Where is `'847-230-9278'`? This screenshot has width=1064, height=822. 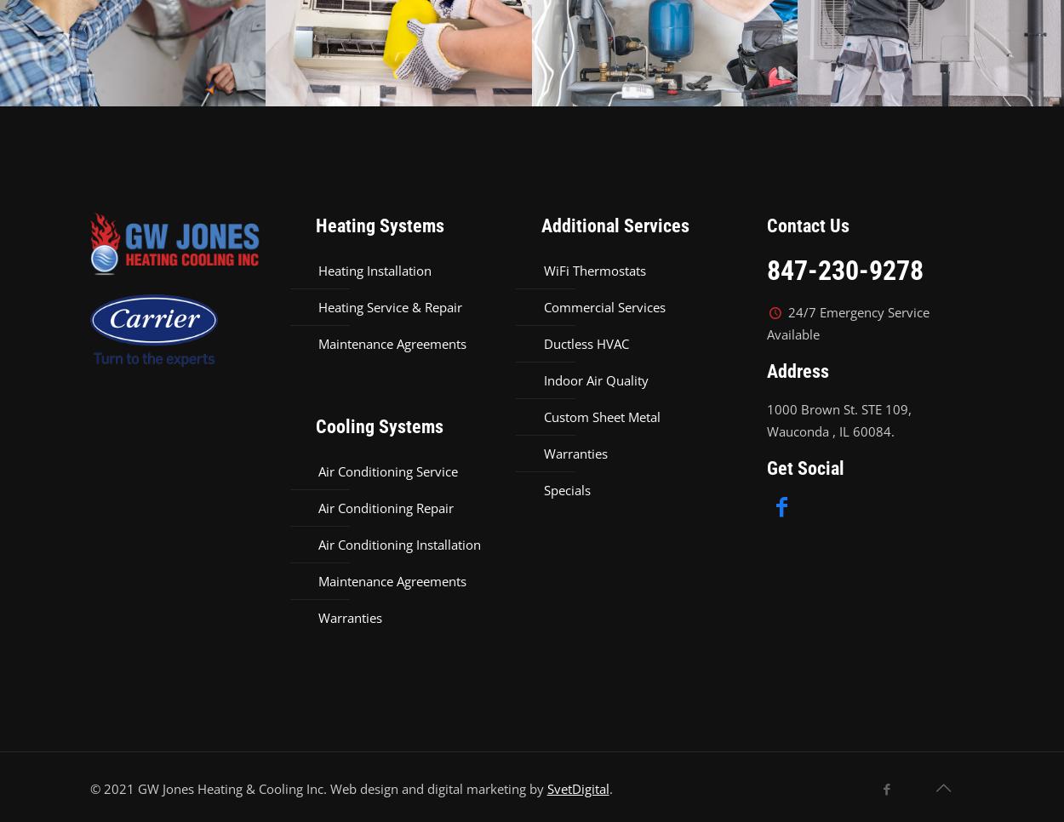 '847-230-9278' is located at coordinates (844, 271).